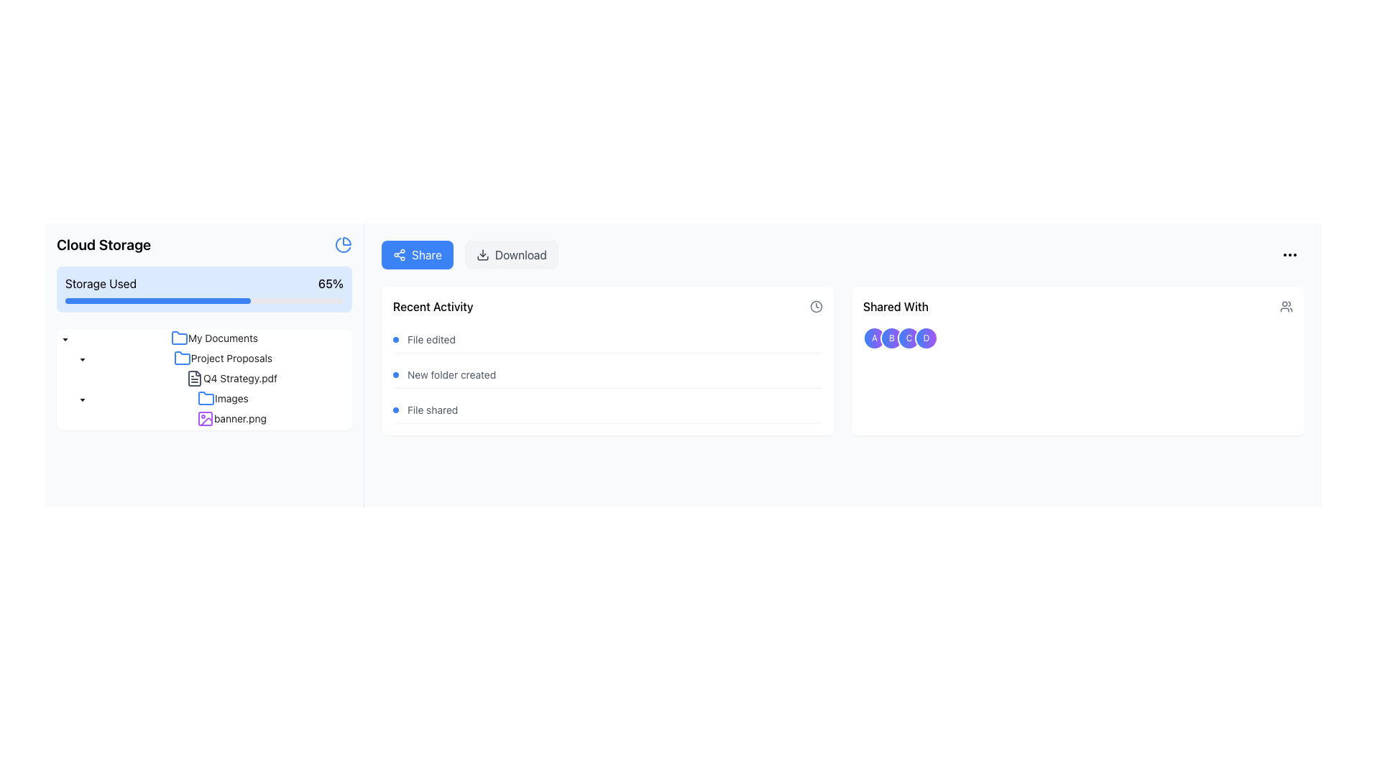 The height and width of the screenshot is (776, 1380). What do you see at coordinates (181, 357) in the screenshot?
I see `the folder icon with a blue outline located in the left panel under 'Cloud Storage', next to 'Project Proposals'` at bounding box center [181, 357].